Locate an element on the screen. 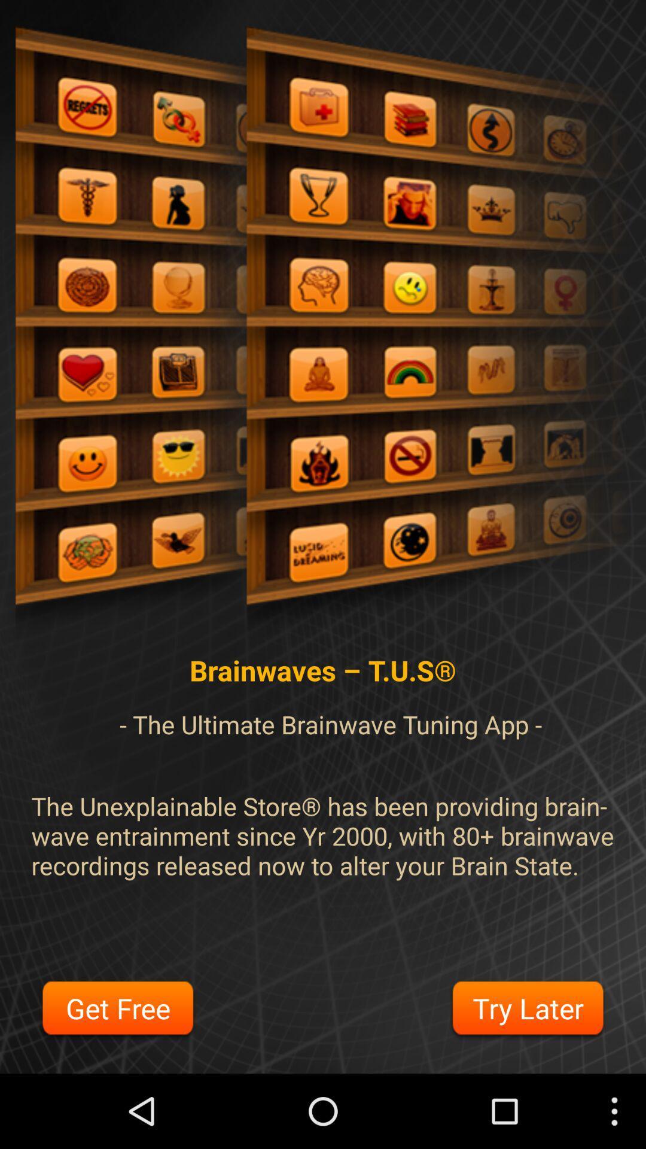 The width and height of the screenshot is (646, 1149). the item next to the try later button is located at coordinates (118, 1010).